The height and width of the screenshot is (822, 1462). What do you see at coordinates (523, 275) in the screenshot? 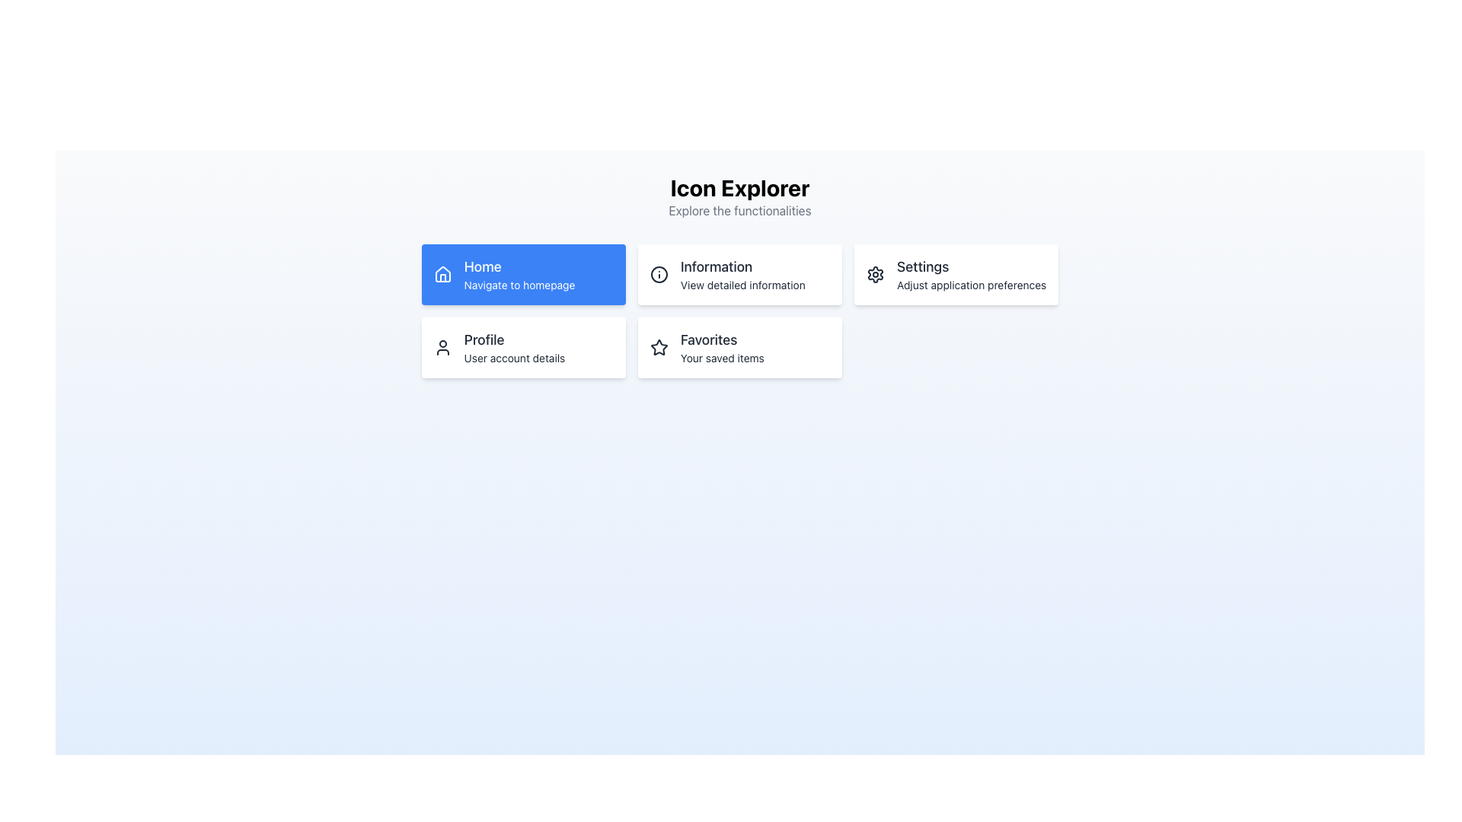
I see `the blue 'Home Navigate to homepage' button located on the top row, leftmost position in its grid layout` at bounding box center [523, 275].